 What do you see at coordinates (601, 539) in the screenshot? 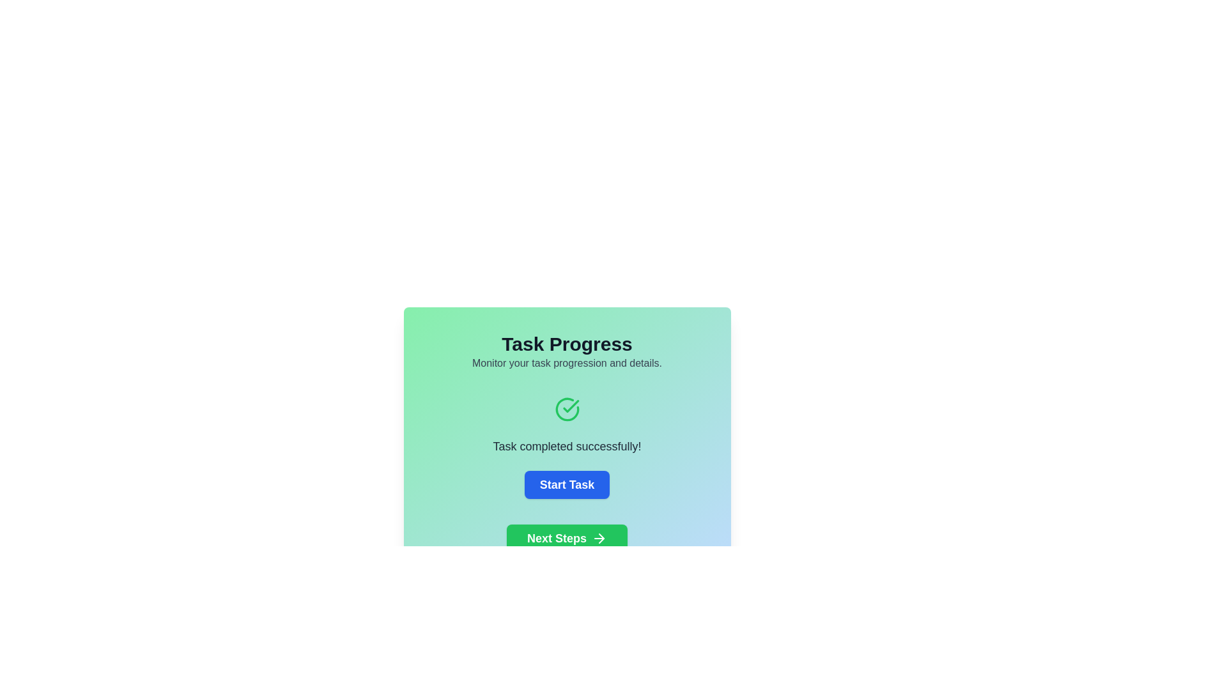
I see `the right-pointing triangular arrow icon below the 'Next Steps' label` at bounding box center [601, 539].